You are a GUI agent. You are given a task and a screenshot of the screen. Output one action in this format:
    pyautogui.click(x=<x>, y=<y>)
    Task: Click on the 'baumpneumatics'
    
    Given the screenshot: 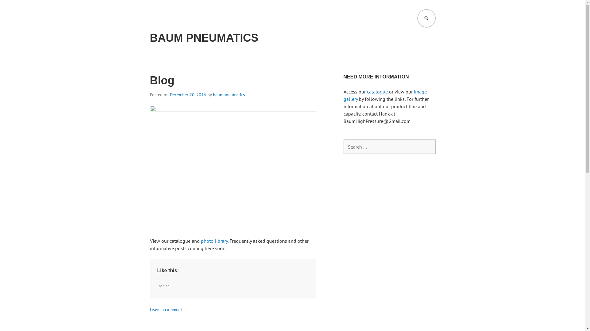 What is the action you would take?
    pyautogui.click(x=228, y=94)
    